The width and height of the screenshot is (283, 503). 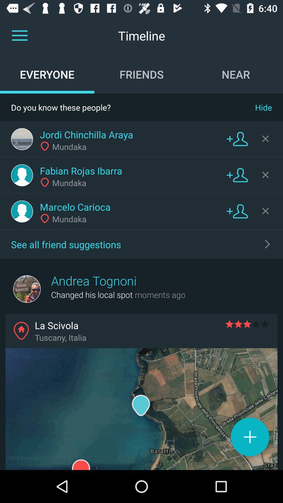 I want to click on the add icon, so click(x=249, y=437).